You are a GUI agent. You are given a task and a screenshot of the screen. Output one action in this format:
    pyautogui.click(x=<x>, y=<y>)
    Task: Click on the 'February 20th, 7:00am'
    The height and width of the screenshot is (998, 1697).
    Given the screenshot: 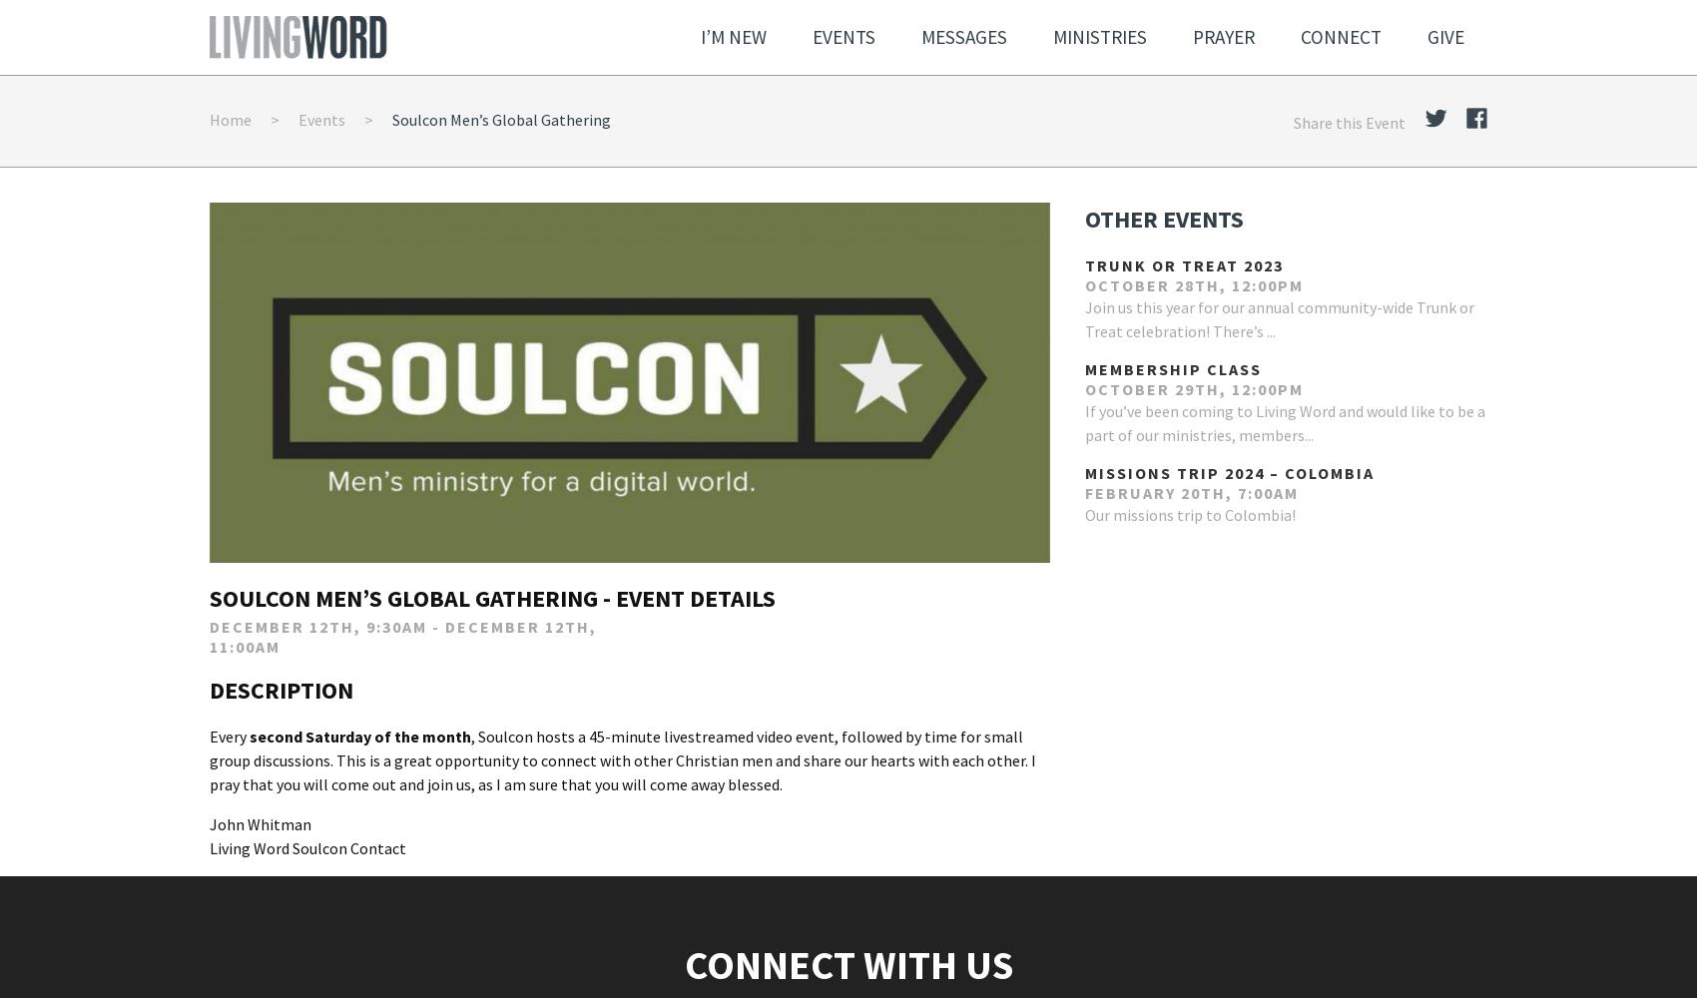 What is the action you would take?
    pyautogui.click(x=1190, y=491)
    